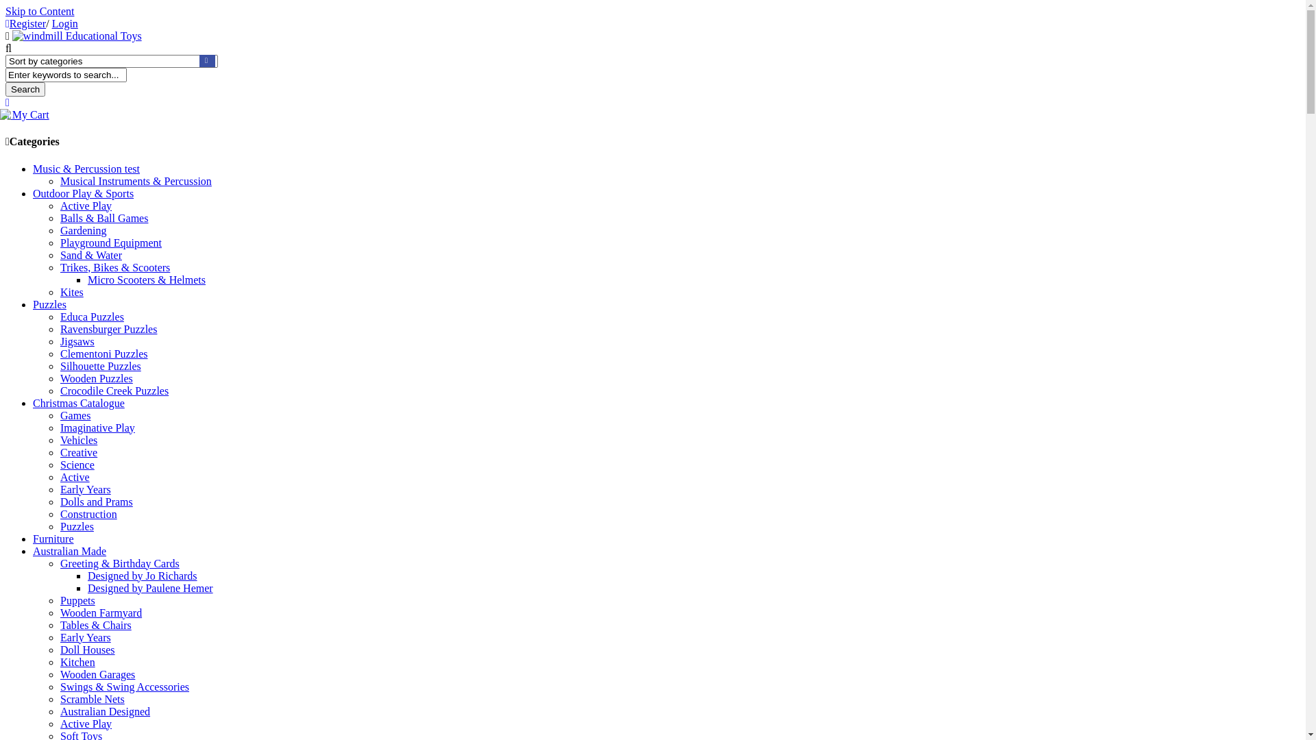  I want to click on 'Wooden Puzzles', so click(95, 378).